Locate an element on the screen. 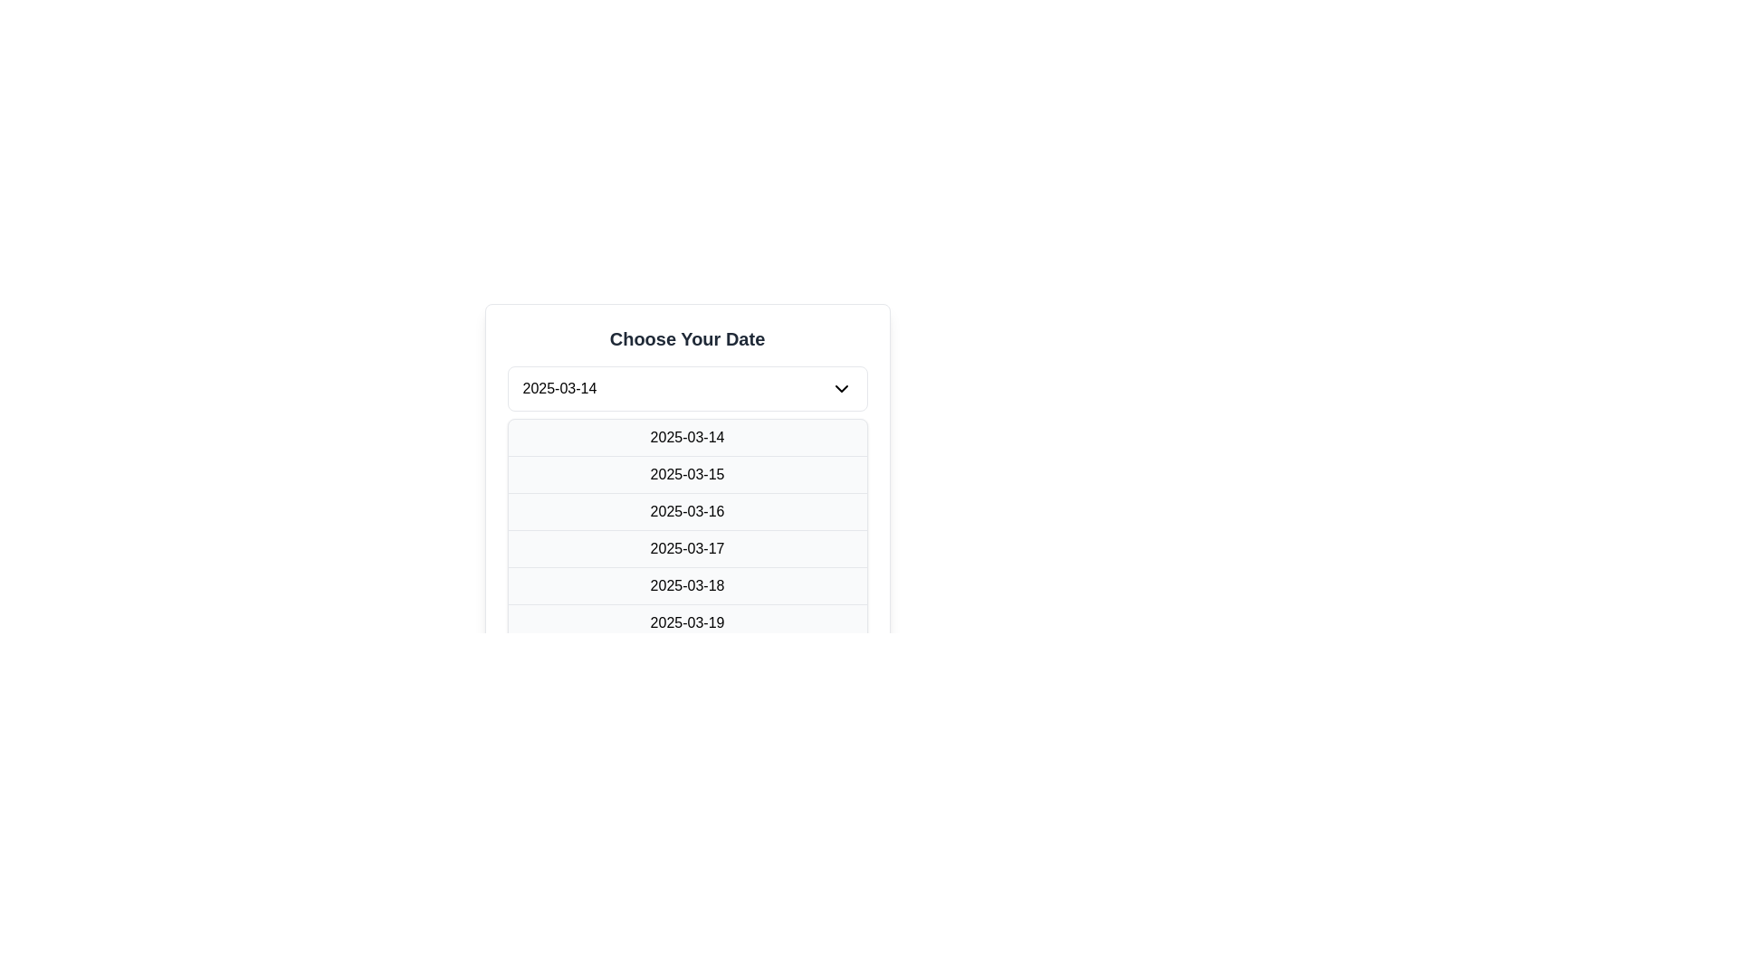  the text item representing the date '2025-03-18' in the dropdown list is located at coordinates (686, 585).